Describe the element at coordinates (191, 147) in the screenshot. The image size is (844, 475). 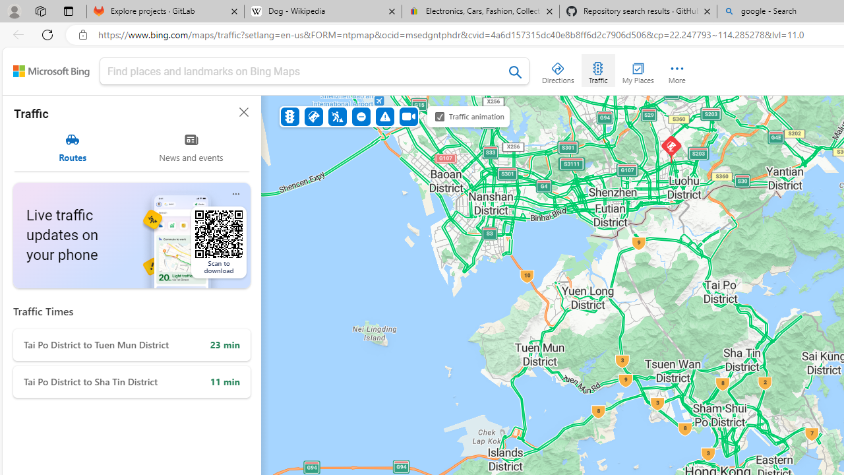
I see `'News and events'` at that location.